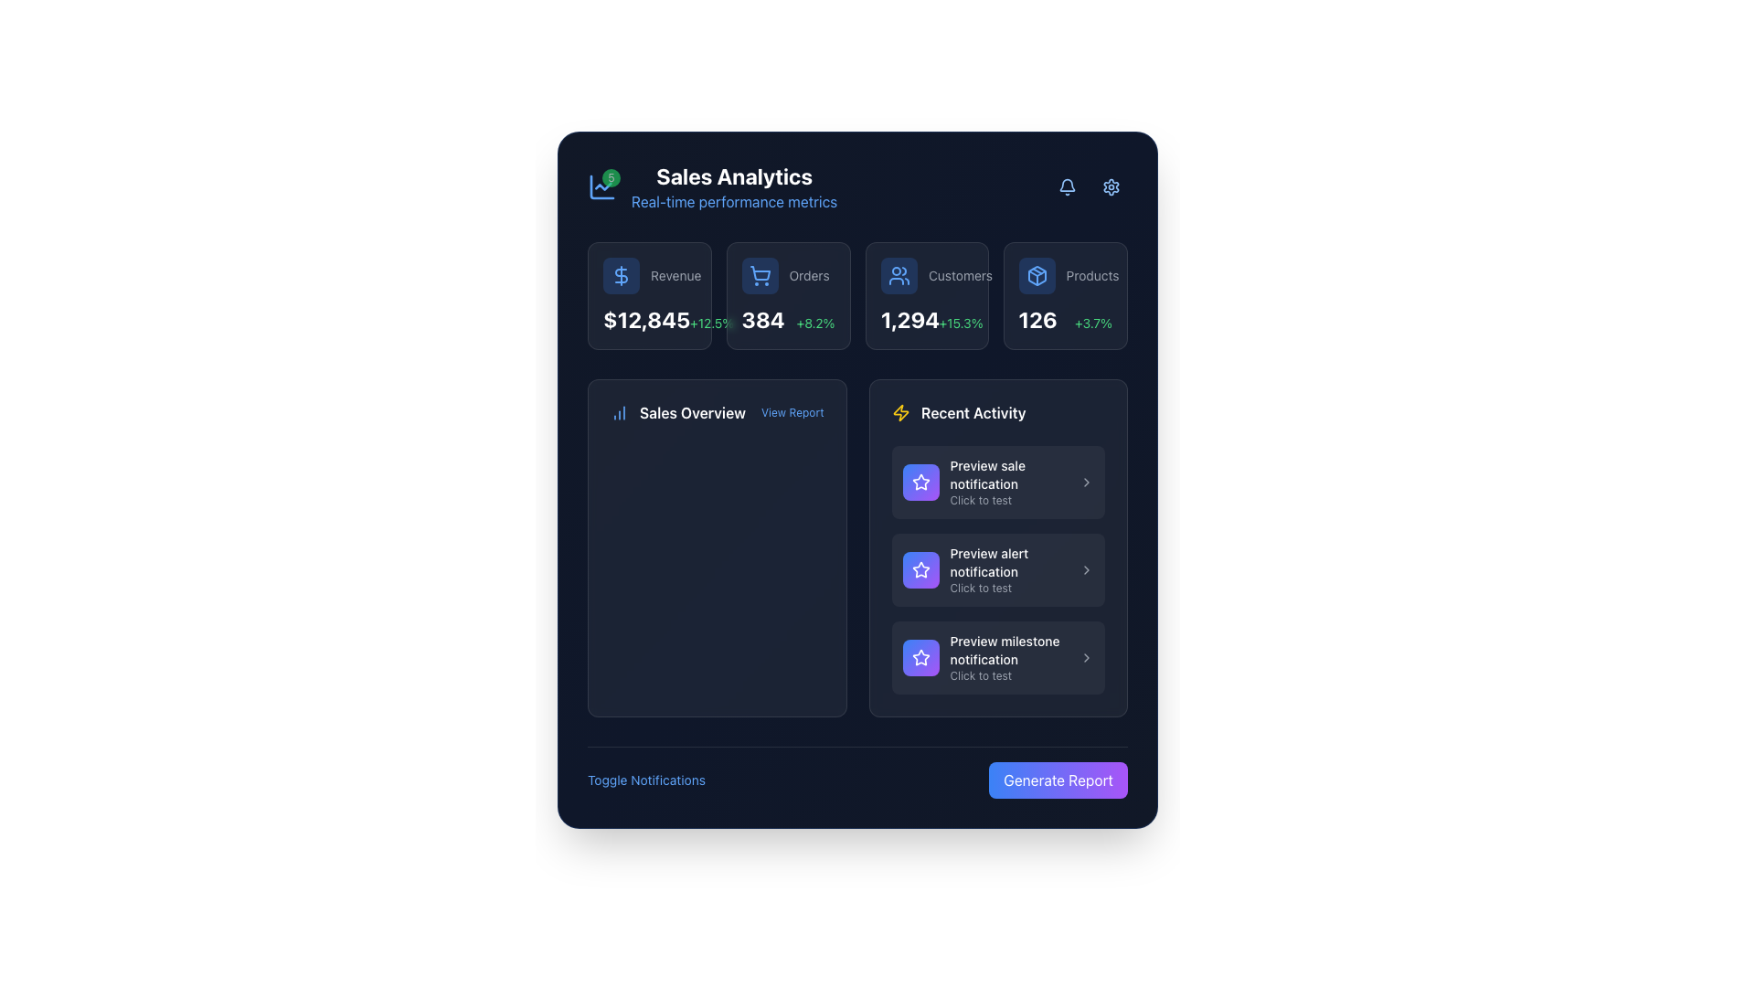 The width and height of the screenshot is (1755, 987). I want to click on the percentage change text label located to the right of the numerical value '126' within the 'Products' section of the dashboard, so click(1093, 323).